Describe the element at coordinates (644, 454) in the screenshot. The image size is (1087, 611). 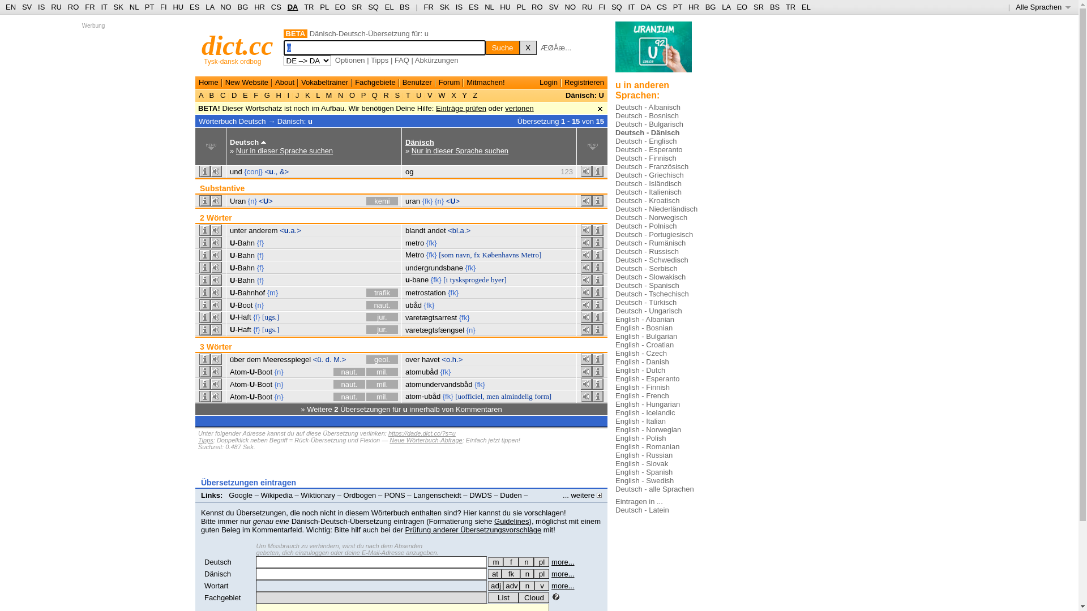
I see `'English - Russian'` at that location.